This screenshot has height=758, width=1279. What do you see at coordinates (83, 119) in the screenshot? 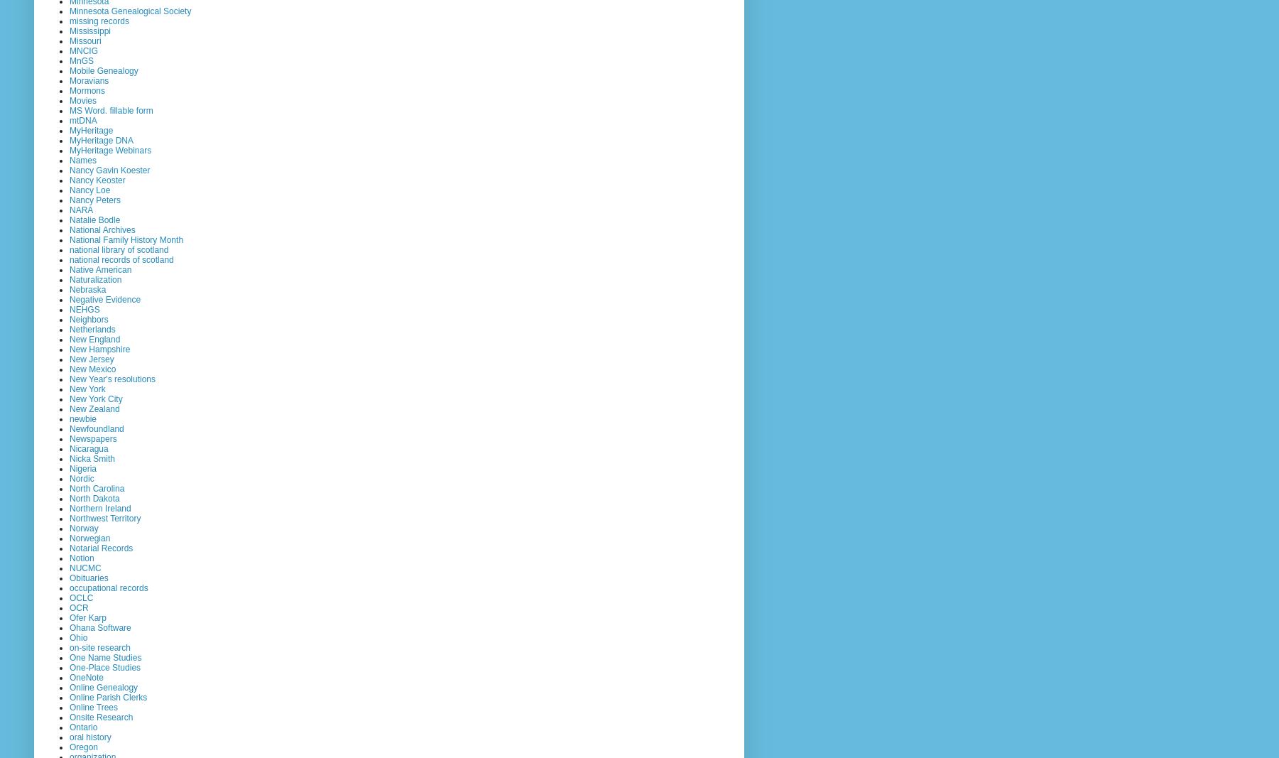
I see `'mtDNA'` at bounding box center [83, 119].